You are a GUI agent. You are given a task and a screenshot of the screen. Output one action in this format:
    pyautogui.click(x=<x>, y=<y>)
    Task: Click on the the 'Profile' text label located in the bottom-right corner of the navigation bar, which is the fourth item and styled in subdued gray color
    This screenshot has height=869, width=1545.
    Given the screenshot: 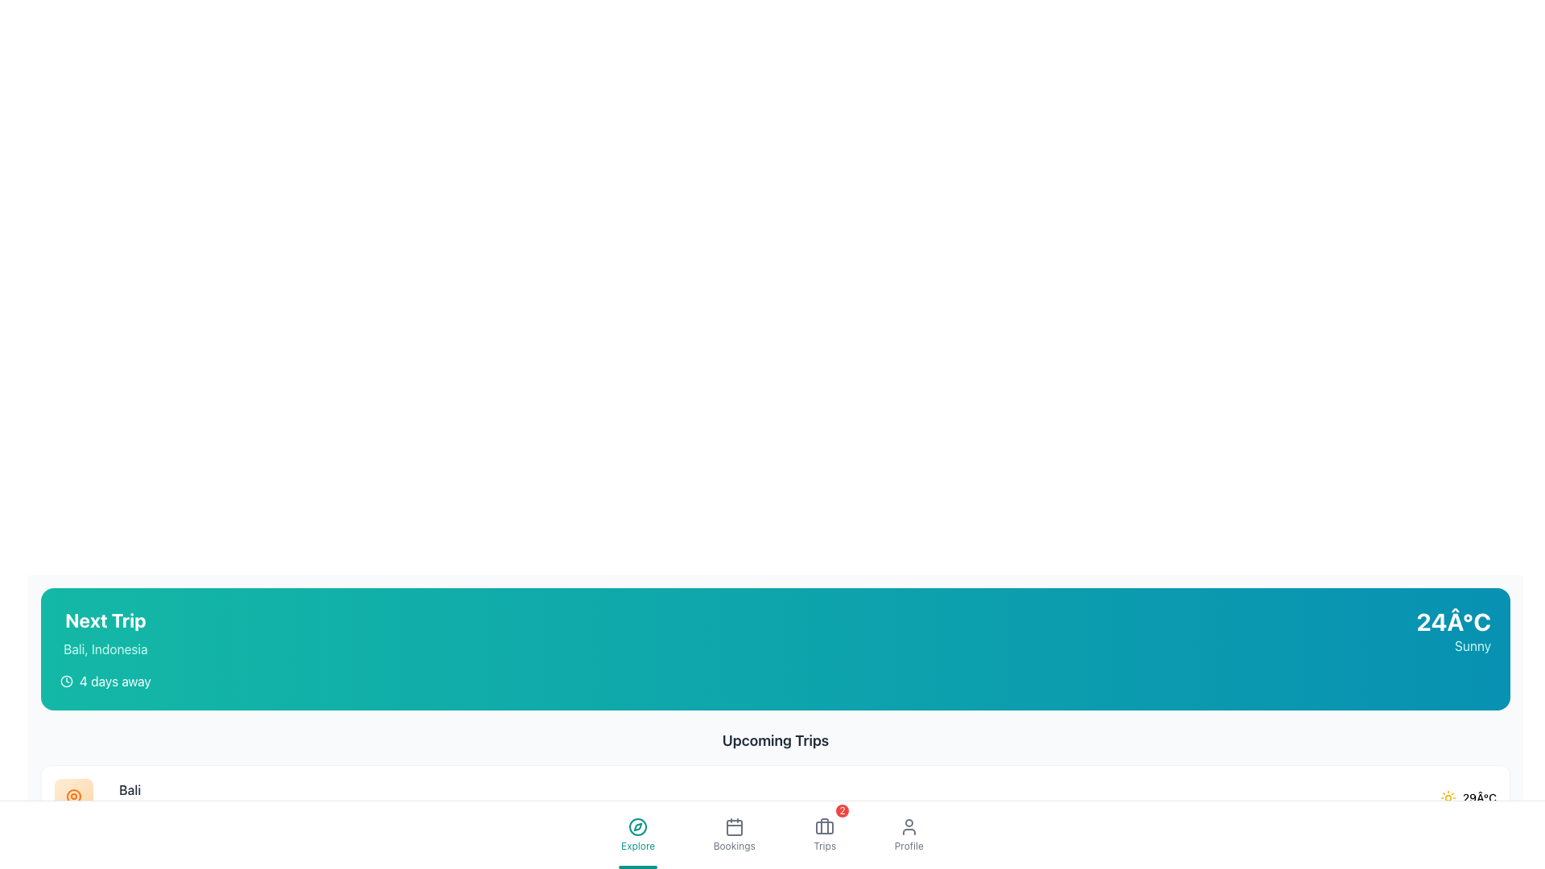 What is the action you would take?
    pyautogui.click(x=908, y=846)
    